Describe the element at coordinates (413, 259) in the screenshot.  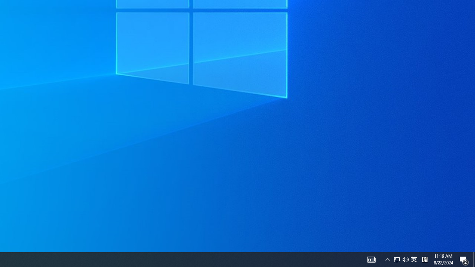
I see `'Tray Input Indicator - Chinese (Simplified, China)'` at that location.